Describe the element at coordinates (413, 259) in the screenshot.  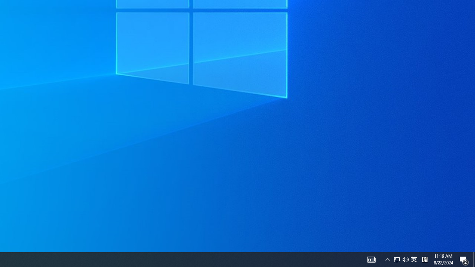
I see `'Tray Input Indicator - Chinese (Simplified, China)'` at that location.